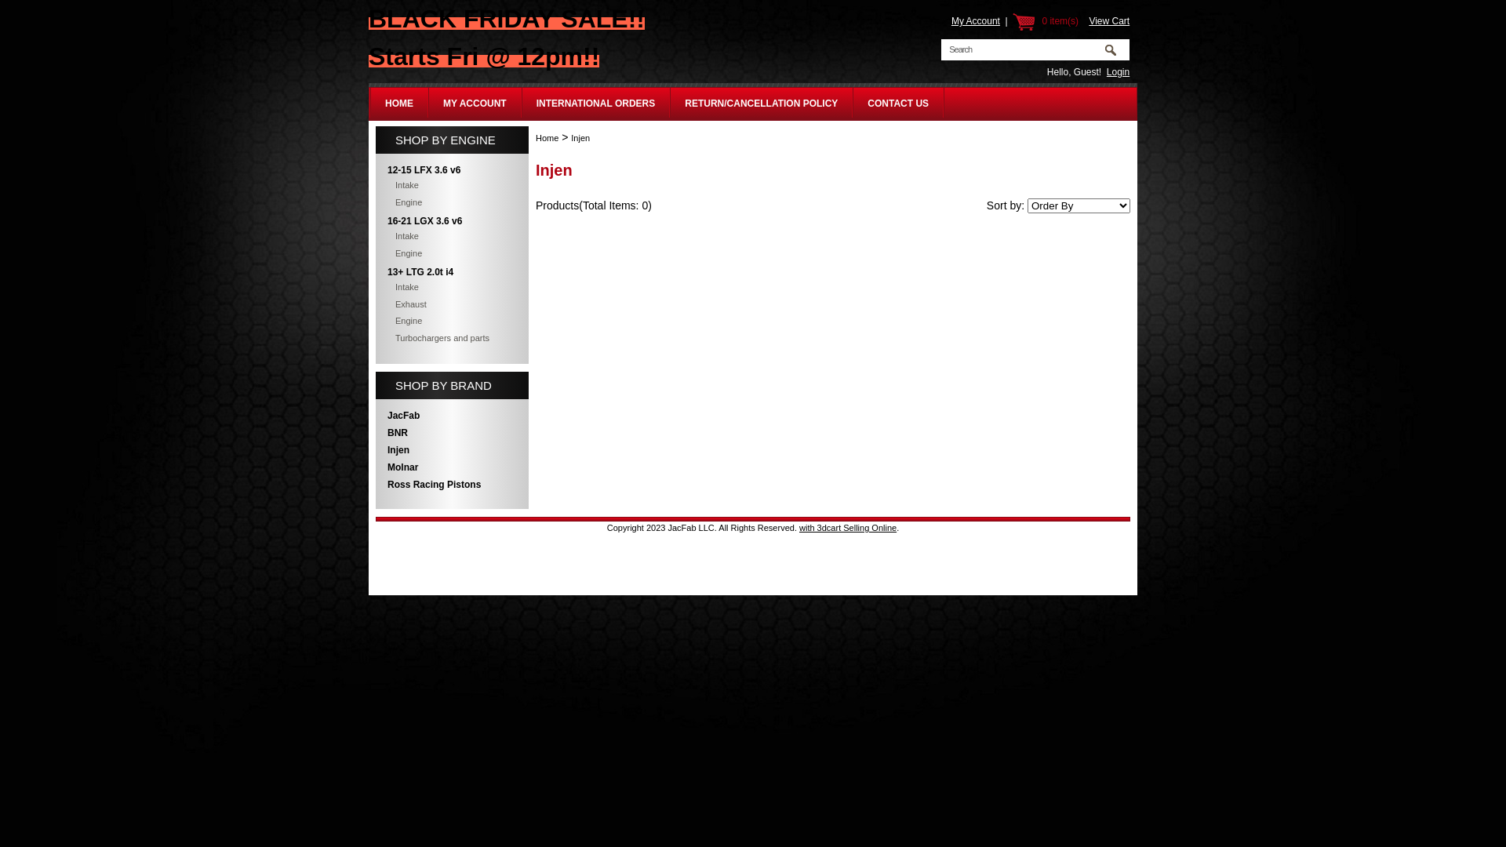 The width and height of the screenshot is (1506, 847). I want to click on 'CONTACT US', so click(898, 103).